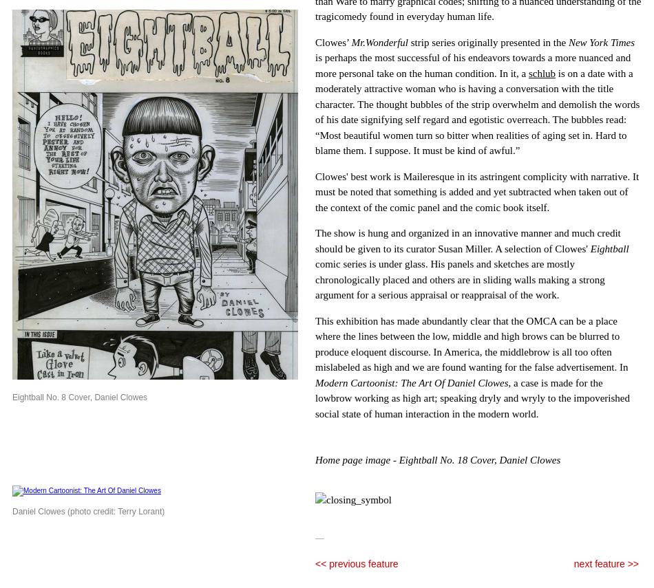 The height and width of the screenshot is (588, 654). I want to click on 'comic series is under glass. His panels and sketches are mostly chronologically placed and others are in sliding walls making a strong argument for a serious appraisal or reappraisal of the work.', so click(460, 279).